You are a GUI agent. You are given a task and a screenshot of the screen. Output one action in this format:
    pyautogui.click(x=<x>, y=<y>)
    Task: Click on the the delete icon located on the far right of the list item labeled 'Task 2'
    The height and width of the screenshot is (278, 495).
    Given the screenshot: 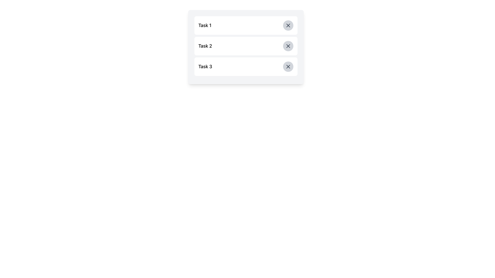 What is the action you would take?
    pyautogui.click(x=288, y=46)
    